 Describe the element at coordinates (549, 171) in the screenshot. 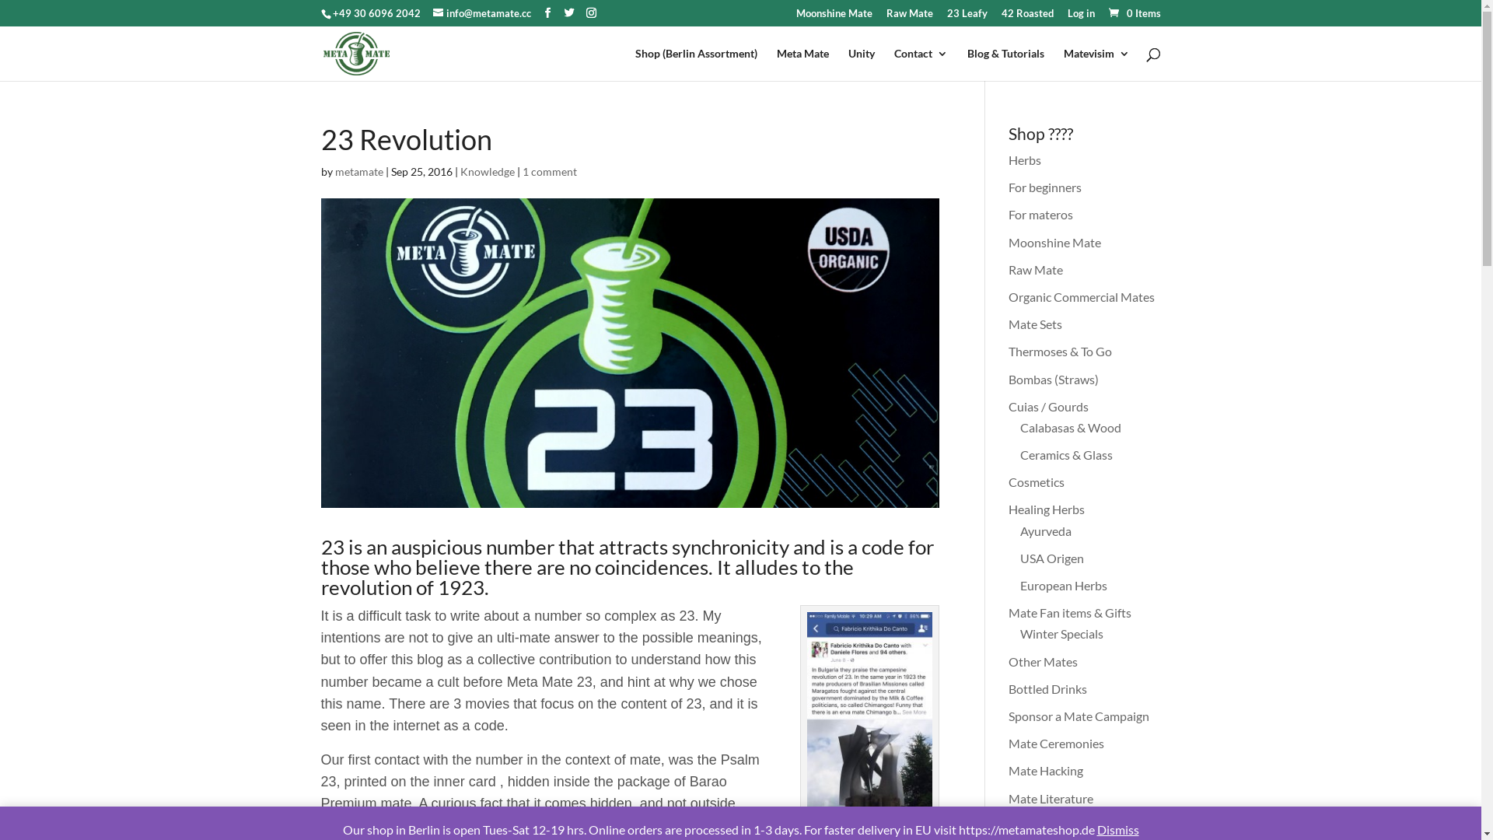

I see `'1 comment'` at that location.